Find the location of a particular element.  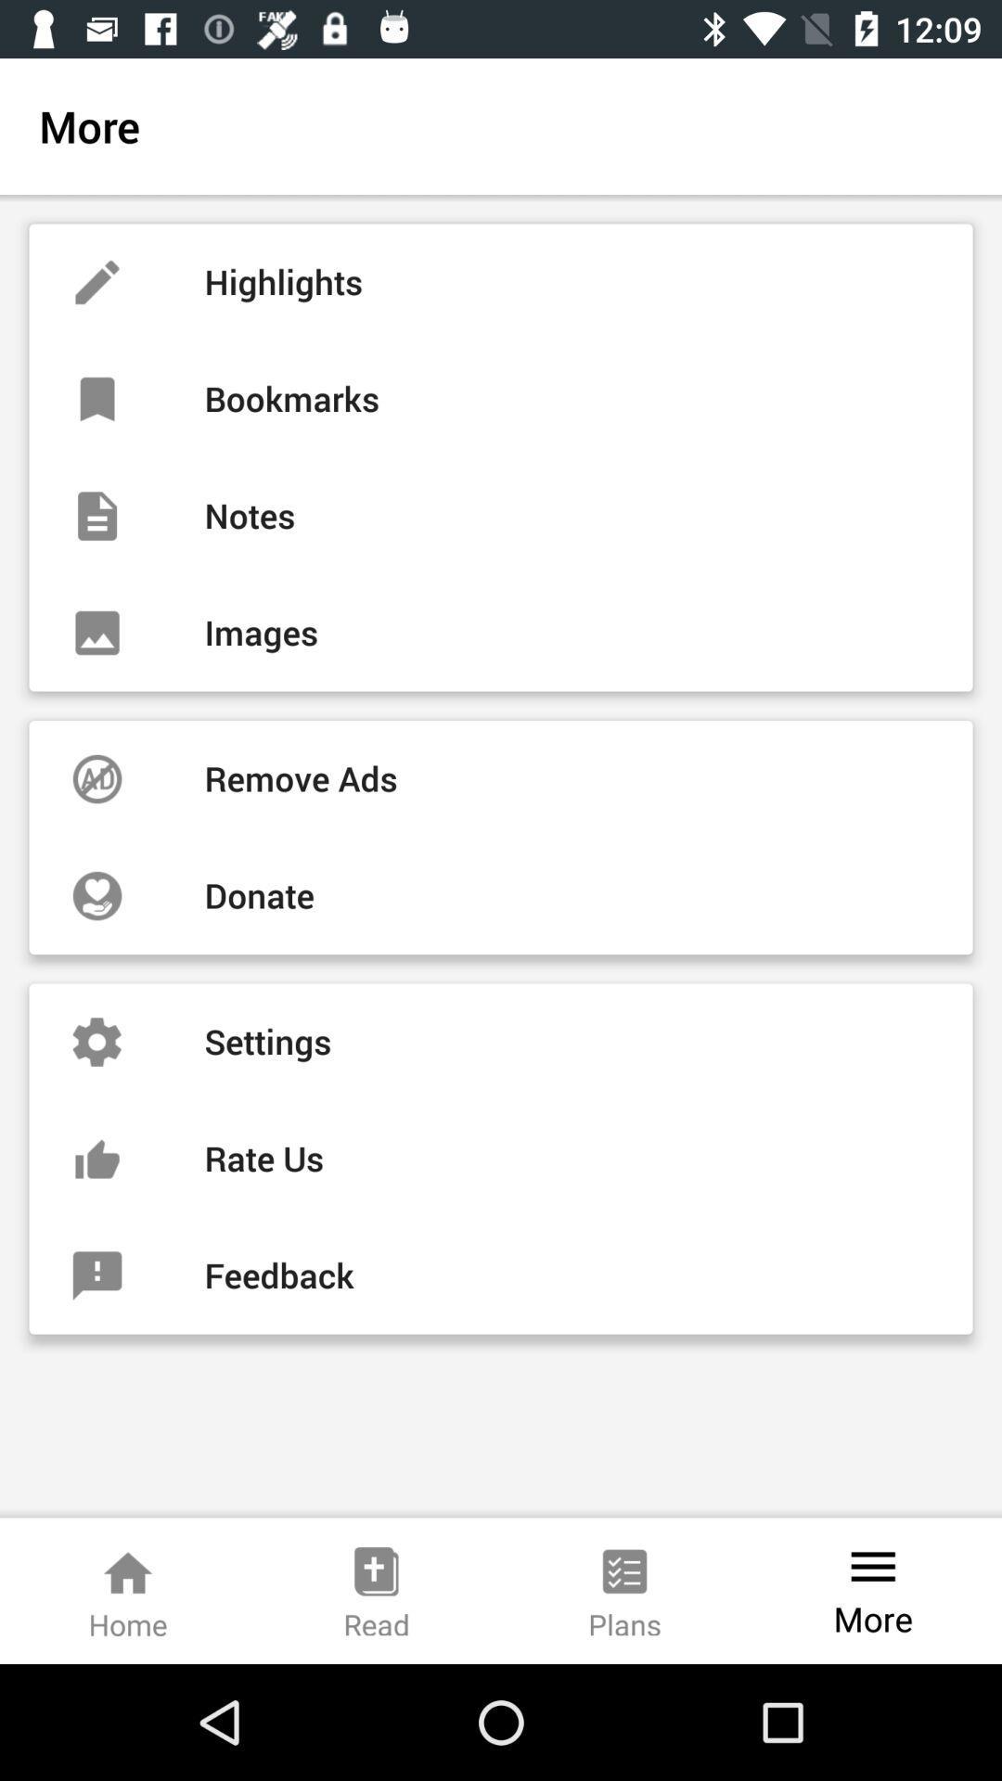

the icon below remove ads is located at coordinates (501, 895).